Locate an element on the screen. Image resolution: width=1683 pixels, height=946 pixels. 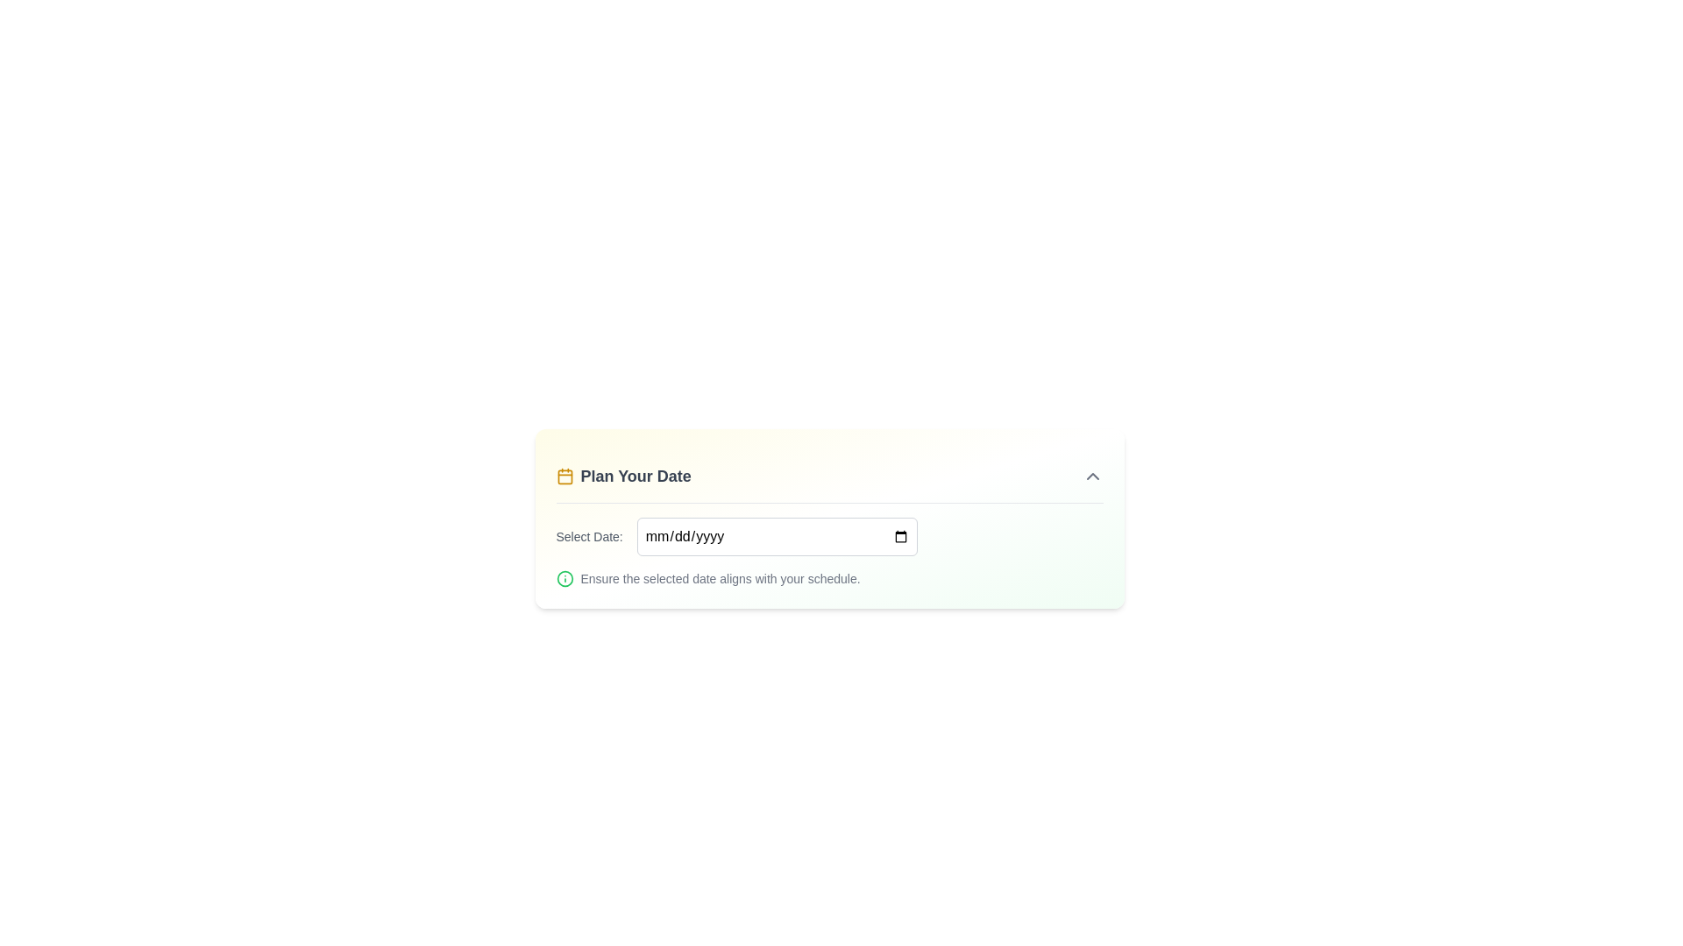
the main body of the calendar icon located in the top-left corner of the 'Plan Your Date' component by moving the cursor to its center is located at coordinates (565, 477).